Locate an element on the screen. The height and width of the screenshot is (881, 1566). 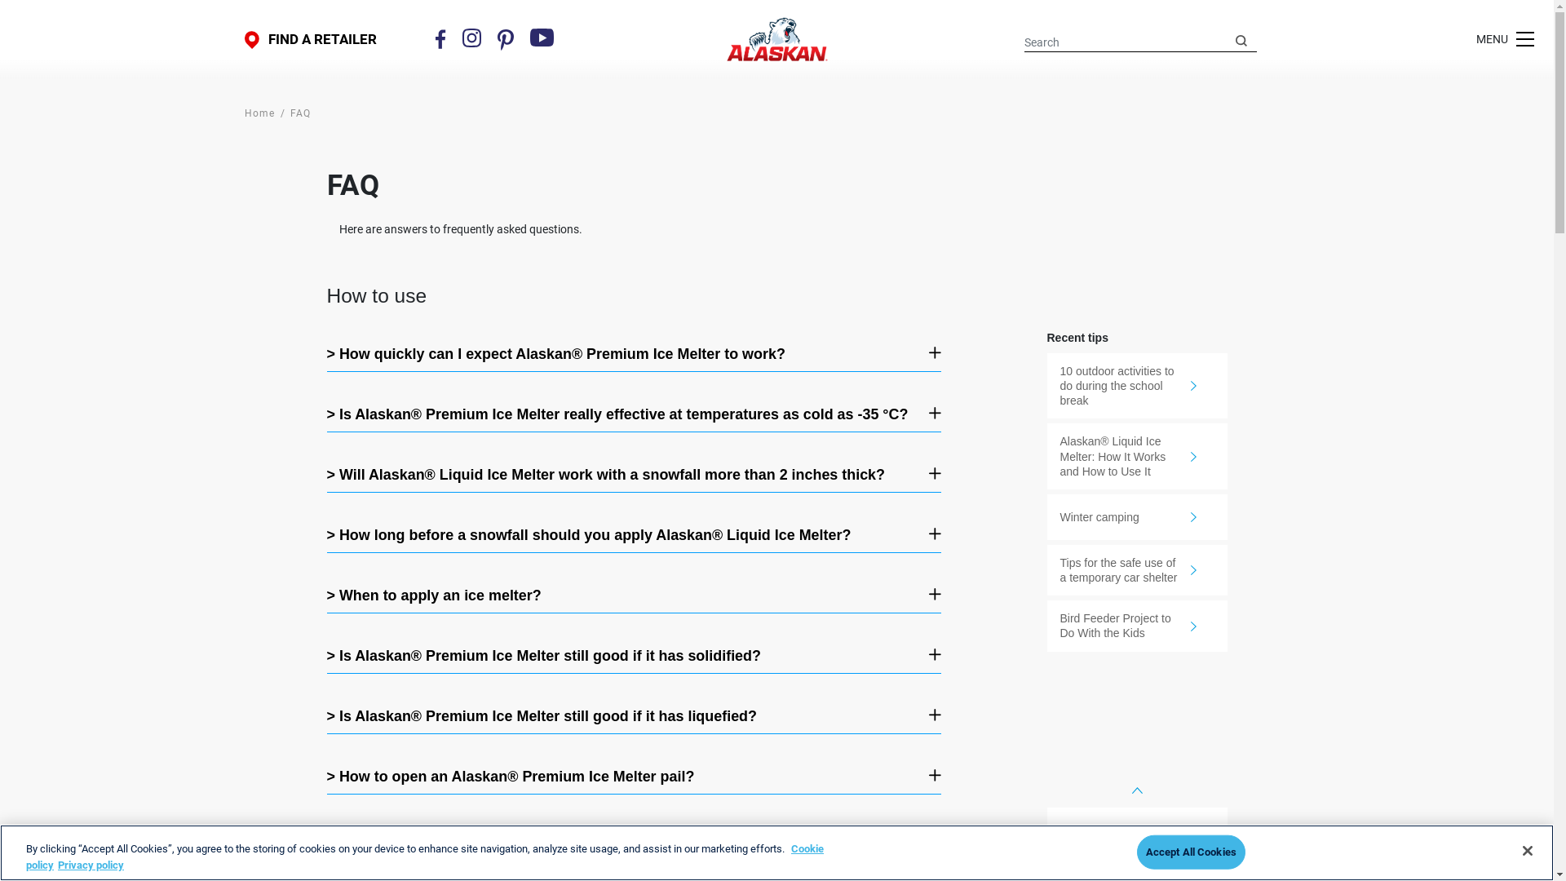
'Cookie policy' is located at coordinates (425, 856).